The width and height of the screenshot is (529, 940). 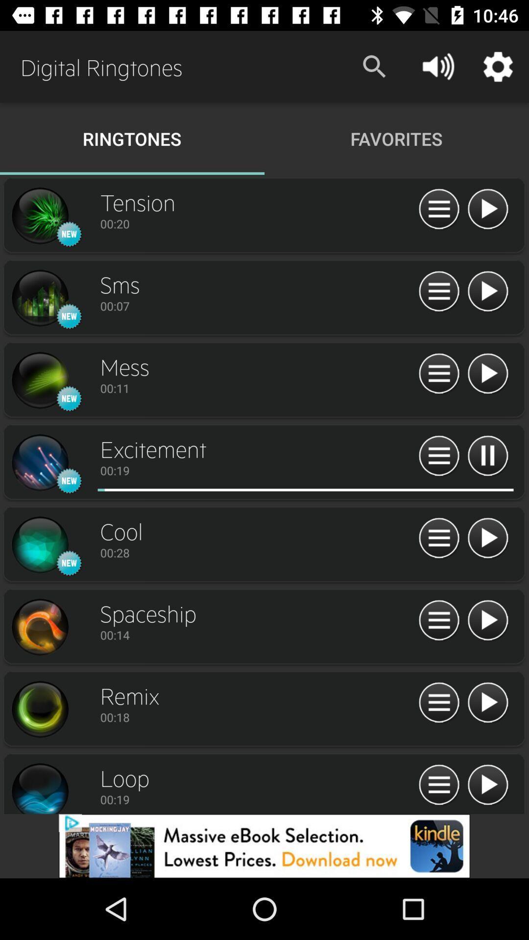 What do you see at coordinates (487, 538) in the screenshot?
I see `push play button` at bounding box center [487, 538].